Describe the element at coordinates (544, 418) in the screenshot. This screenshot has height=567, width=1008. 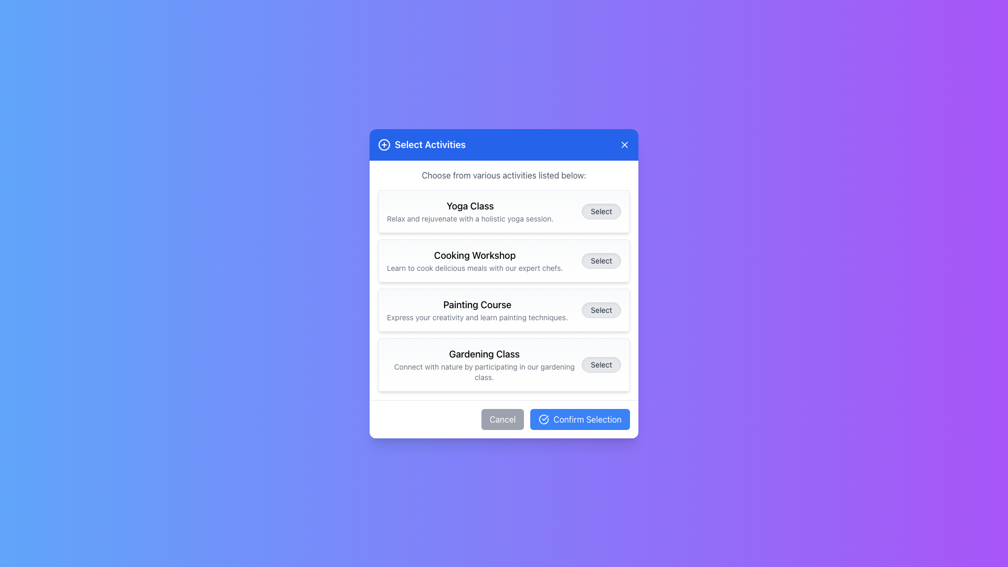
I see `the graphical icon of a circle with a checkmark, which is located to the left of the text 'Confirm Selection' within the button` at that location.